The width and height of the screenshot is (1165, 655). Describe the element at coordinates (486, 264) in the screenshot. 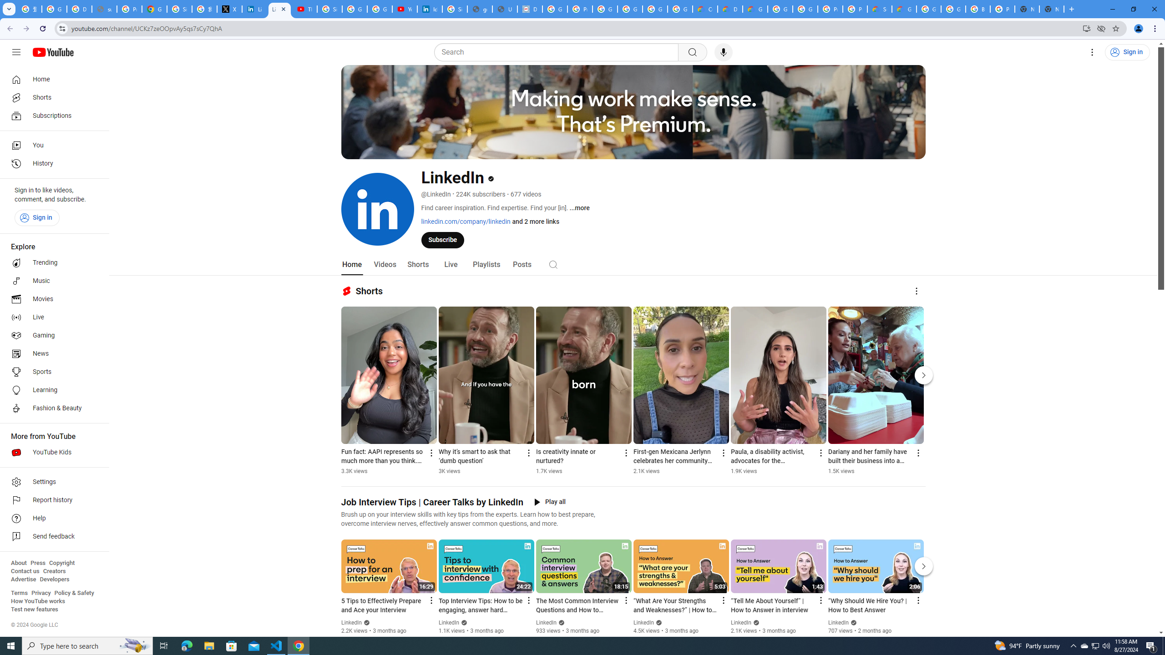

I see `'Playlists'` at that location.